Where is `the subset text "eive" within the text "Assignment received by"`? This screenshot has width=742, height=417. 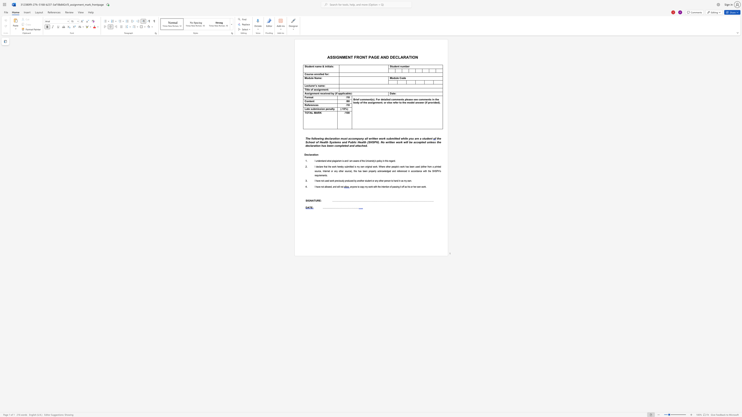
the subset text "eive" within the text "Assignment received by" is located at coordinates (324, 93).